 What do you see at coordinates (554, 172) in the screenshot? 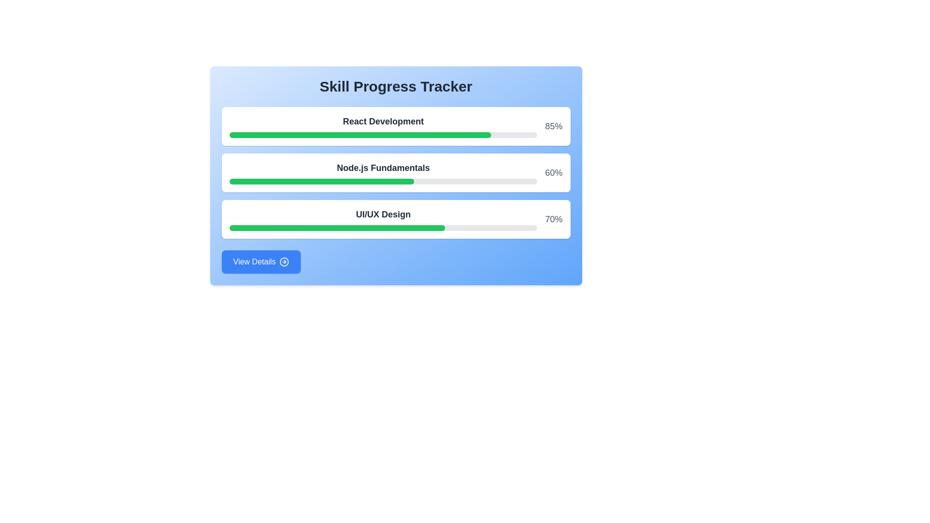
I see `the text label displaying '60%' which is formatted in gray and located to the right of the 'Node.js Fundamentals' progress bar` at bounding box center [554, 172].